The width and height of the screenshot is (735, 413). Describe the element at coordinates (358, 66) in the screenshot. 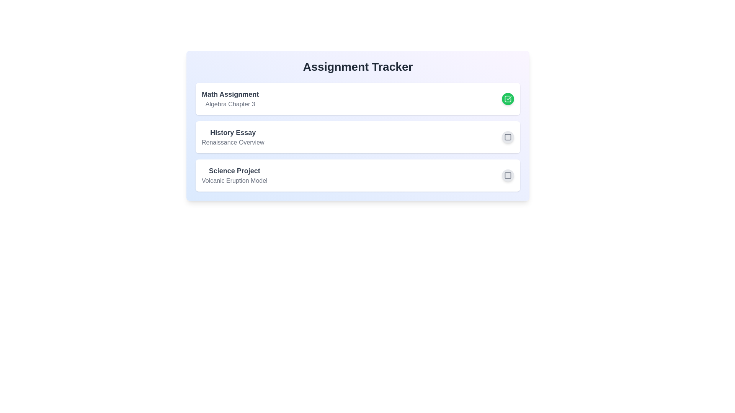

I see `the header text 'Assignment Tracker' for copying` at that location.